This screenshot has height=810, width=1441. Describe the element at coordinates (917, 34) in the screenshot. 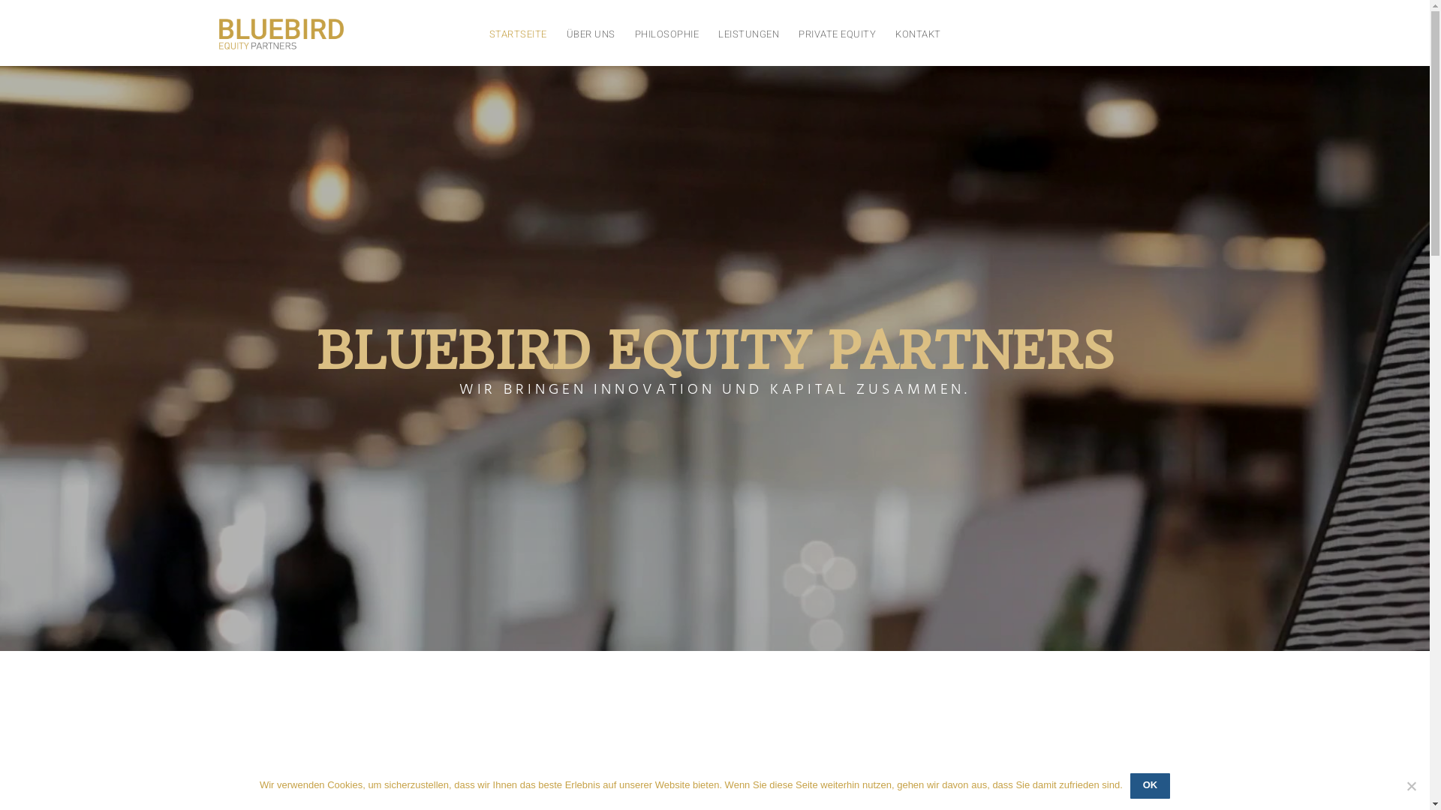

I see `'KONTAKT'` at that location.